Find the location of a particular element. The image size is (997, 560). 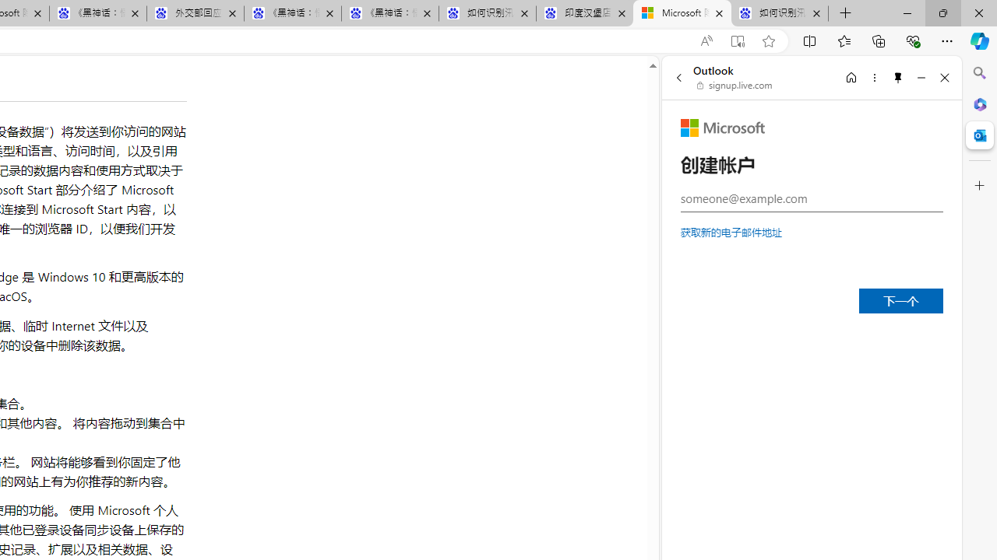

'Home' is located at coordinates (851, 77).